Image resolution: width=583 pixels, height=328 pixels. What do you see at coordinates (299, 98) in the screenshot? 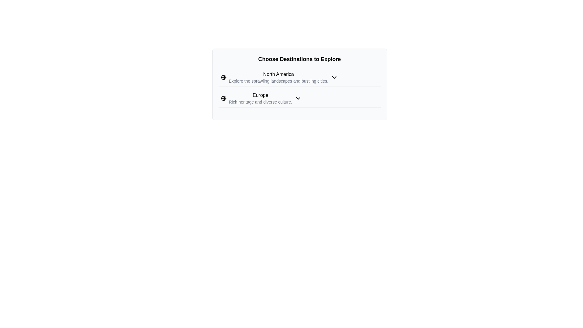
I see `the second clickable list item related to 'Europe', which provides information on its 'Rich heritage and diverse culture'` at bounding box center [299, 98].